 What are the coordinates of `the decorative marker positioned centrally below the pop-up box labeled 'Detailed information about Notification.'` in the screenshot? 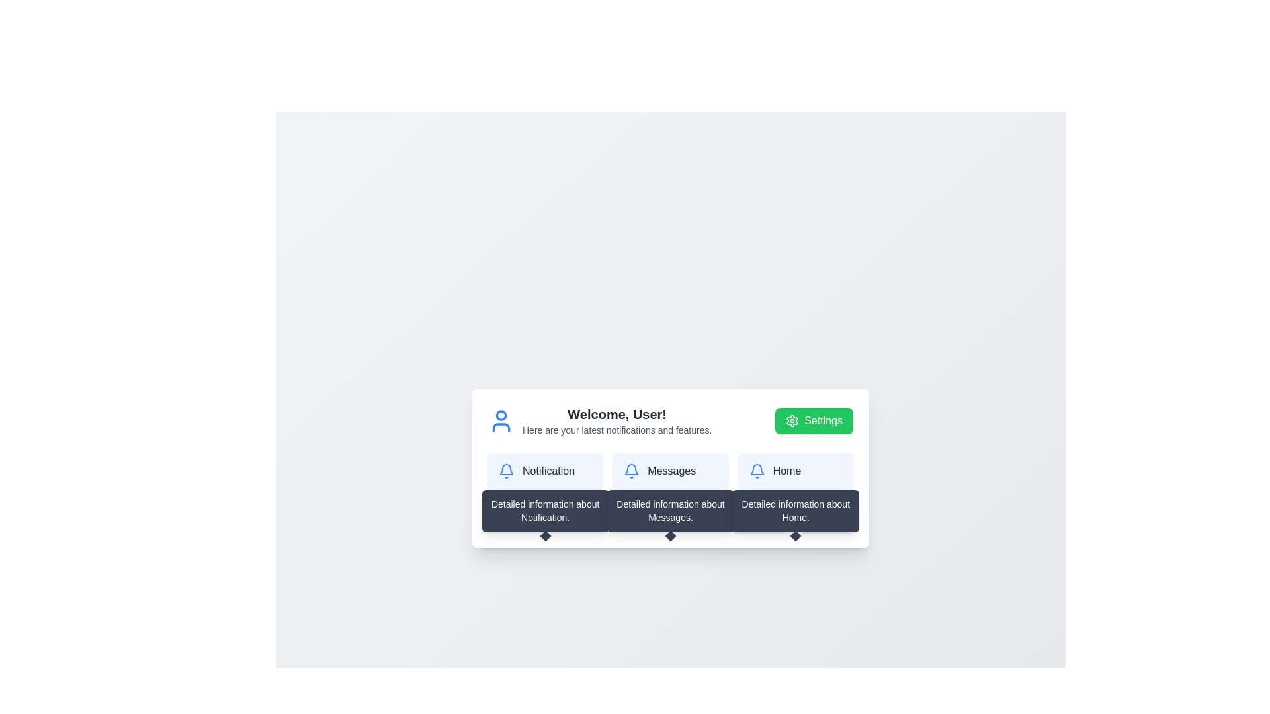 It's located at (545, 535).